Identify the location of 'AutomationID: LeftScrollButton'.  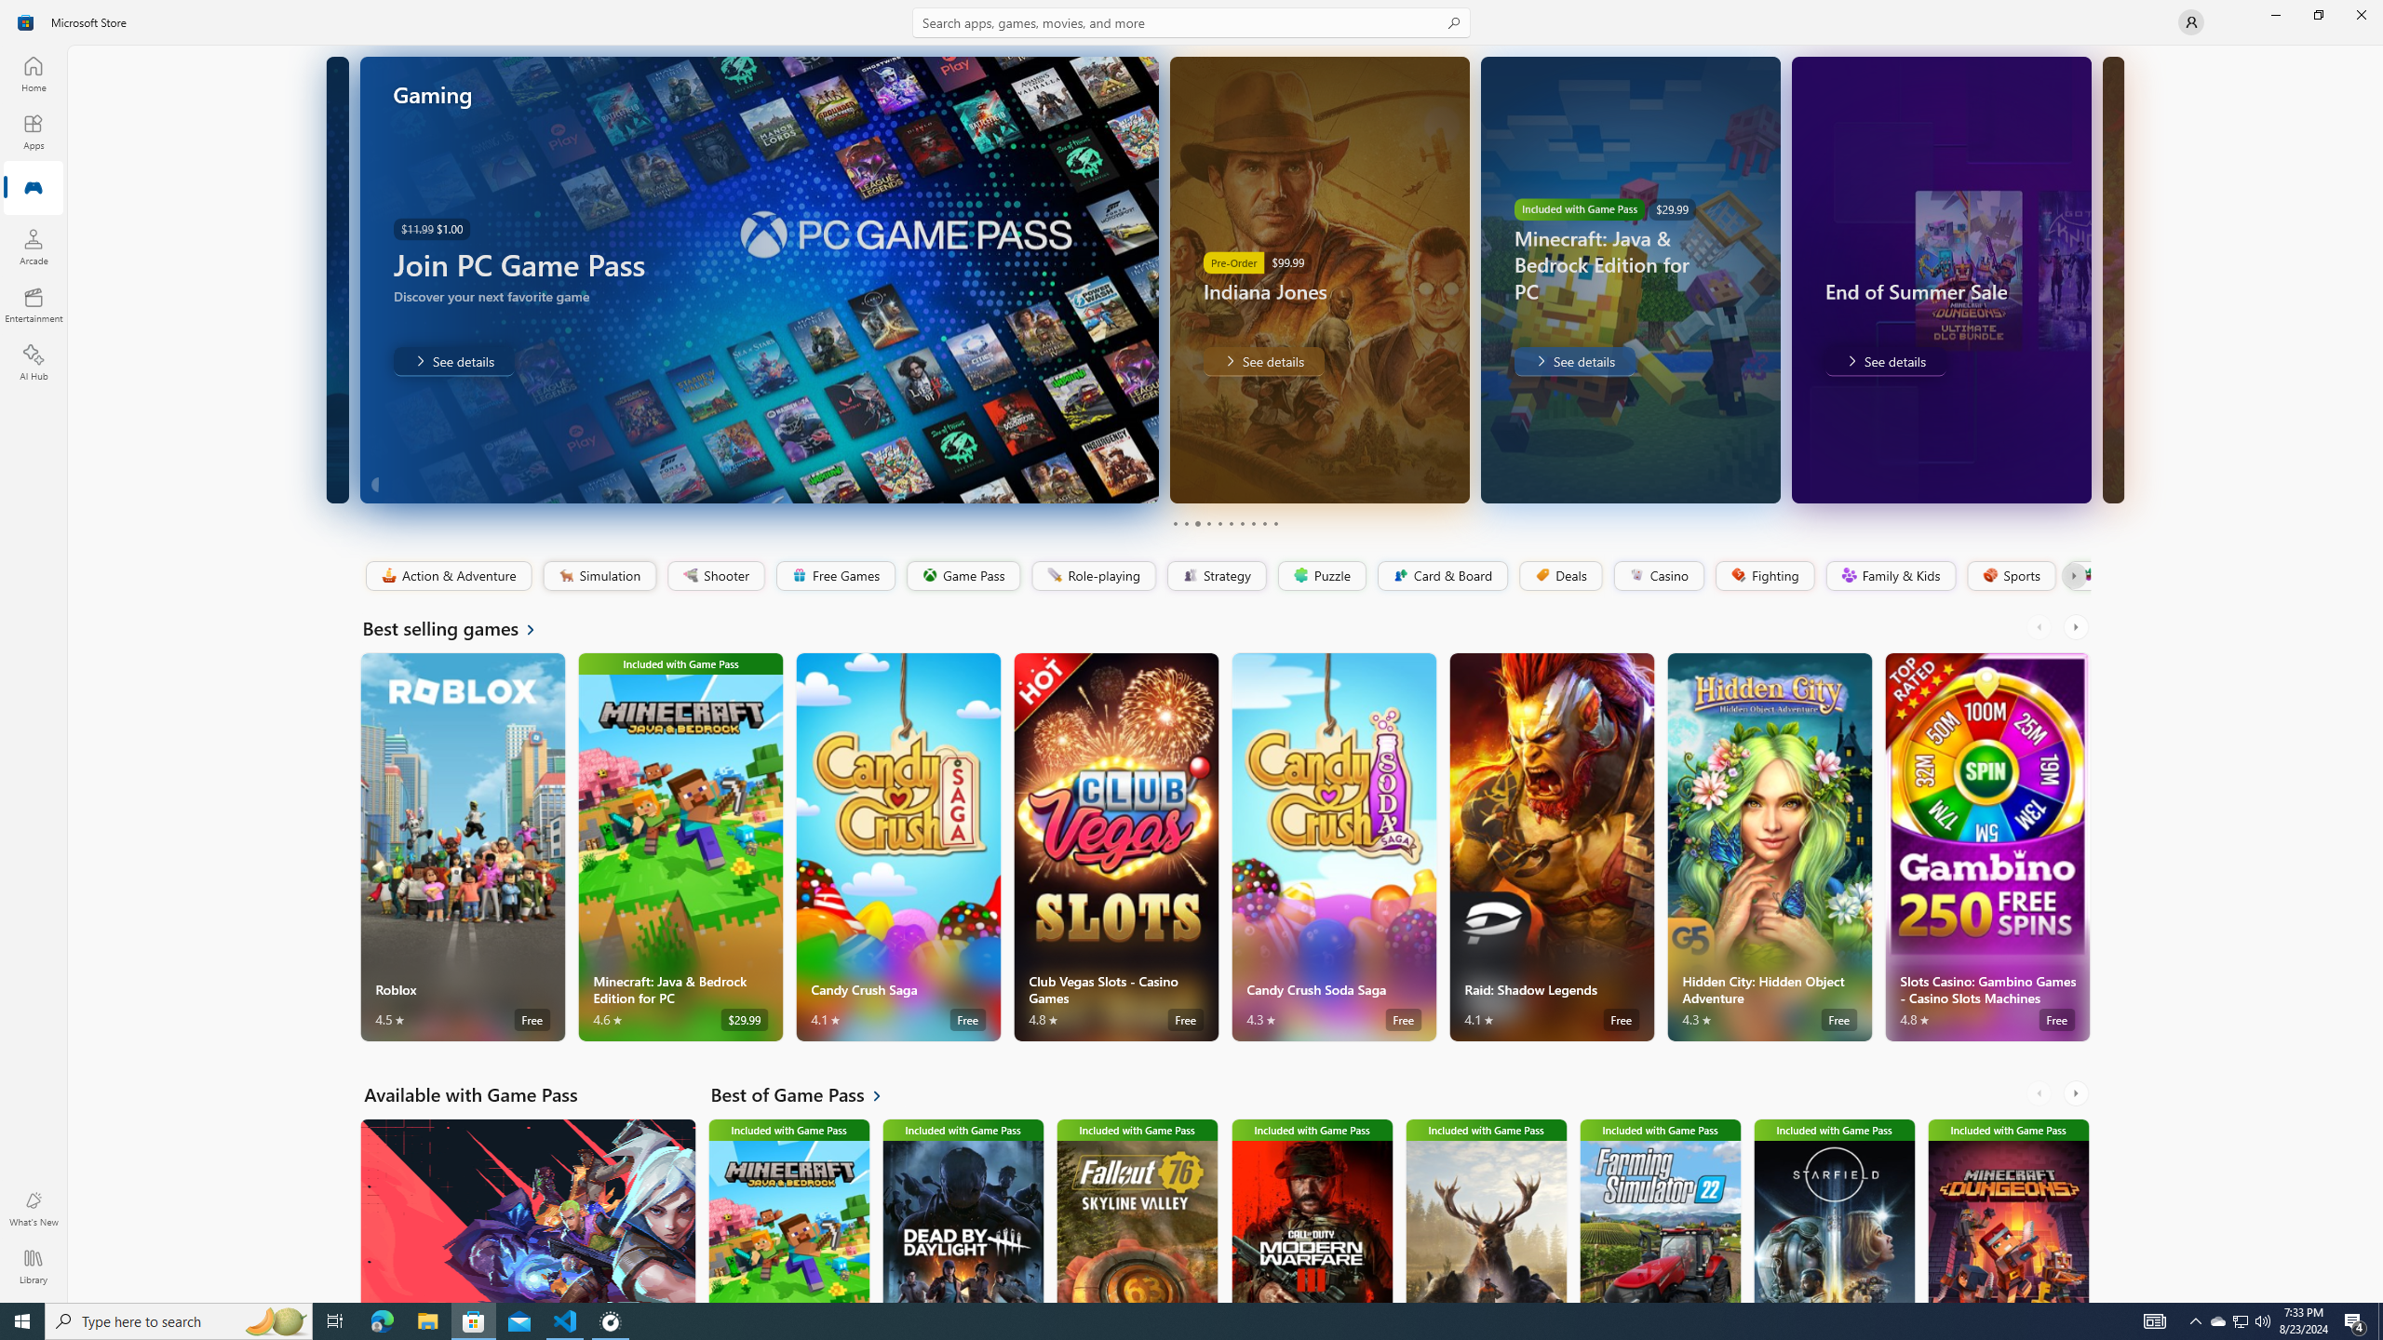
(2040, 1093).